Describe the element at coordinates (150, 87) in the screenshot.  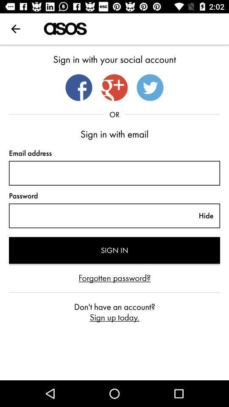
I see `twitter page` at that location.